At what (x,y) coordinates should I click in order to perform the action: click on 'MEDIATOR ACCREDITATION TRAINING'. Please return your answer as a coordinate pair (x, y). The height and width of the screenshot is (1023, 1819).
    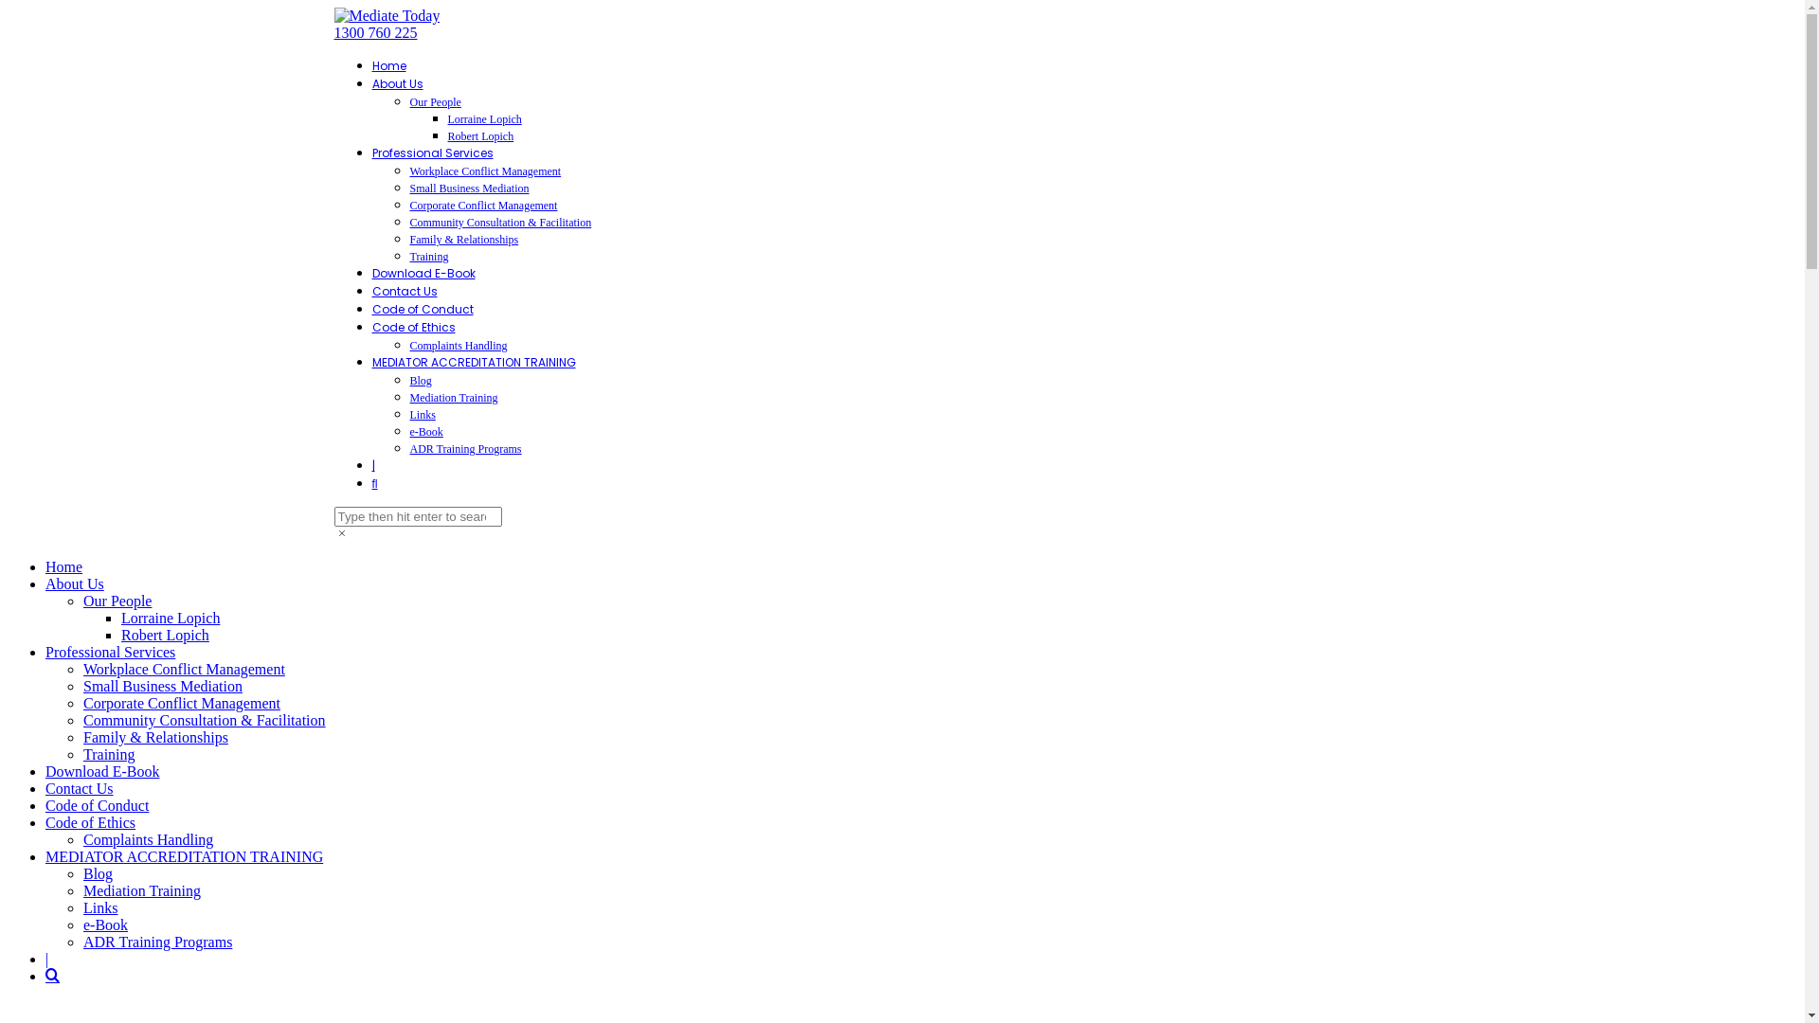
    Looking at the image, I should click on (184, 856).